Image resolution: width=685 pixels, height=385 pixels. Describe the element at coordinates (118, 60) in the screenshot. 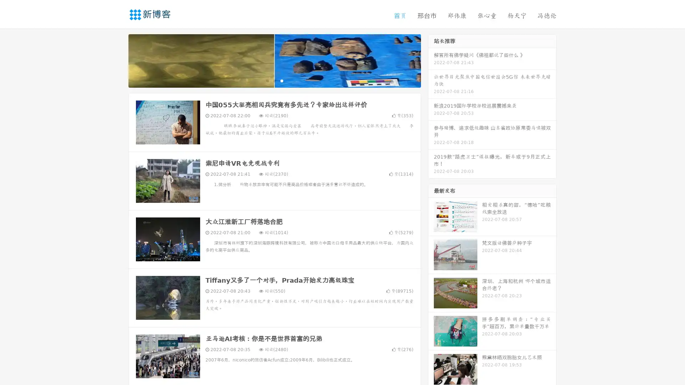

I see `Previous slide` at that location.